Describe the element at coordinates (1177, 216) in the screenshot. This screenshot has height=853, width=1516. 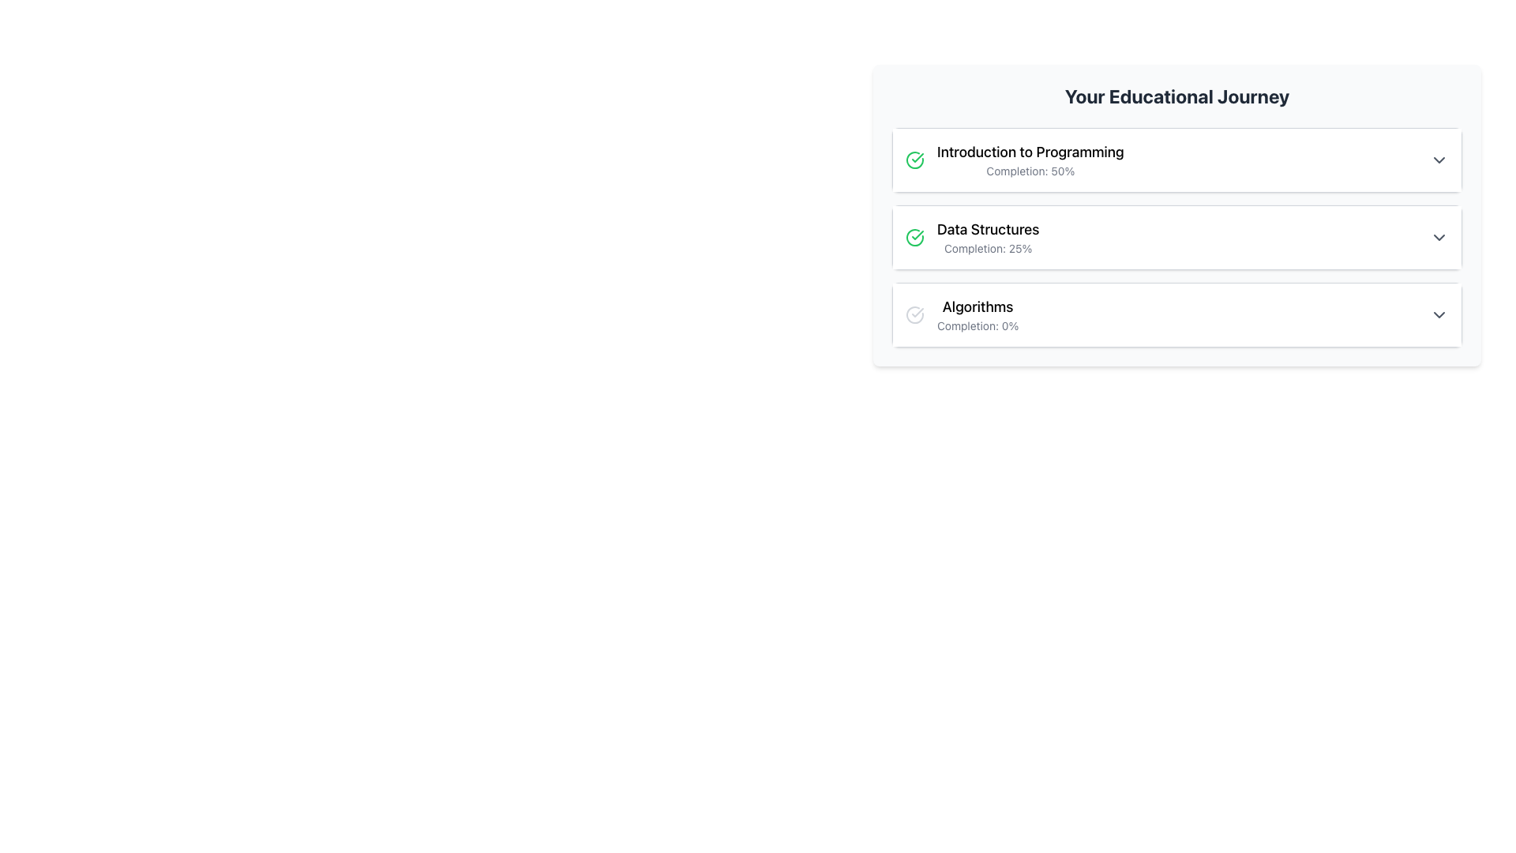
I see `the Card component for the 'Data Structures' module, which is the second item in the list under 'Your Educational Journey'` at that location.